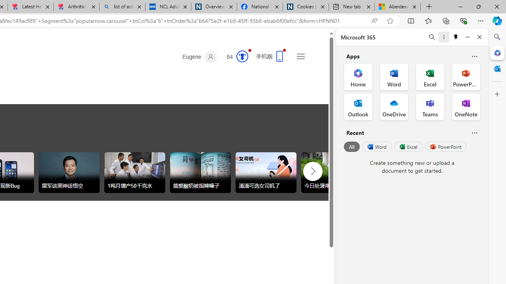  I want to click on 'Home Office App', so click(358, 77).